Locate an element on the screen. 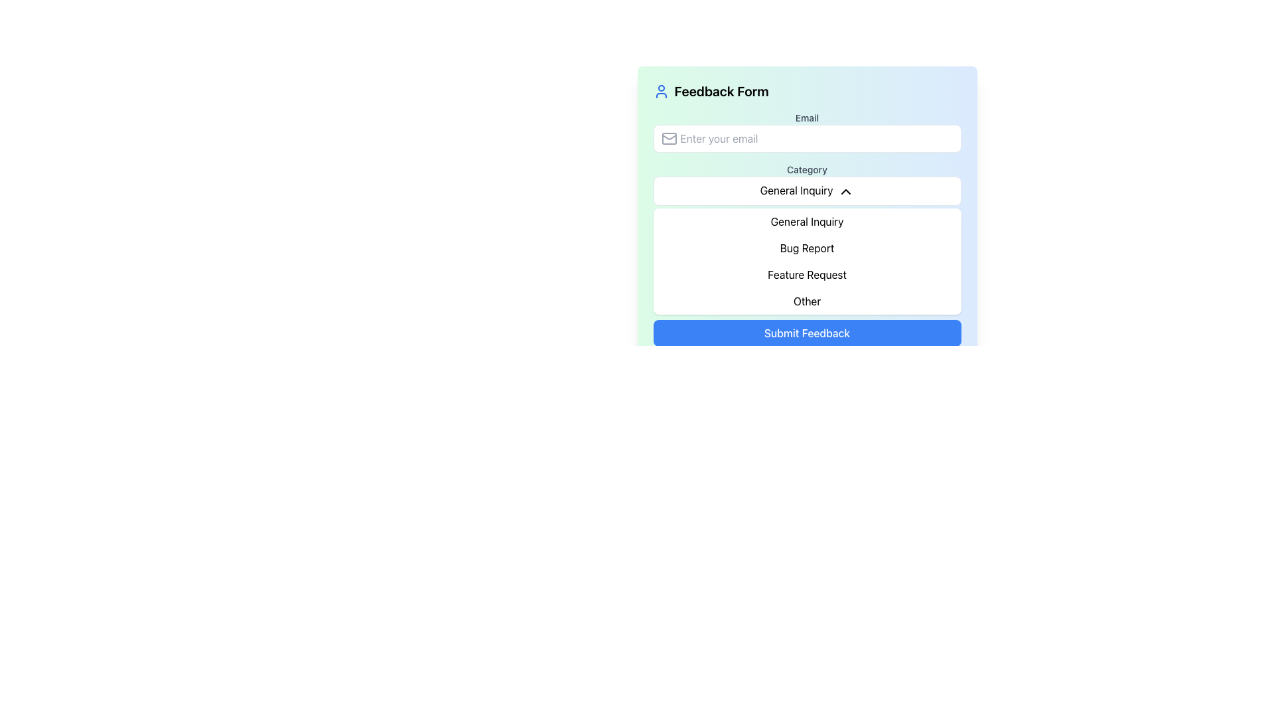 Image resolution: width=1274 pixels, height=717 pixels. the text label displaying 'Email', which is styled with a small, medium-weight font in gray color, located above the email input field is located at coordinates (806, 117).